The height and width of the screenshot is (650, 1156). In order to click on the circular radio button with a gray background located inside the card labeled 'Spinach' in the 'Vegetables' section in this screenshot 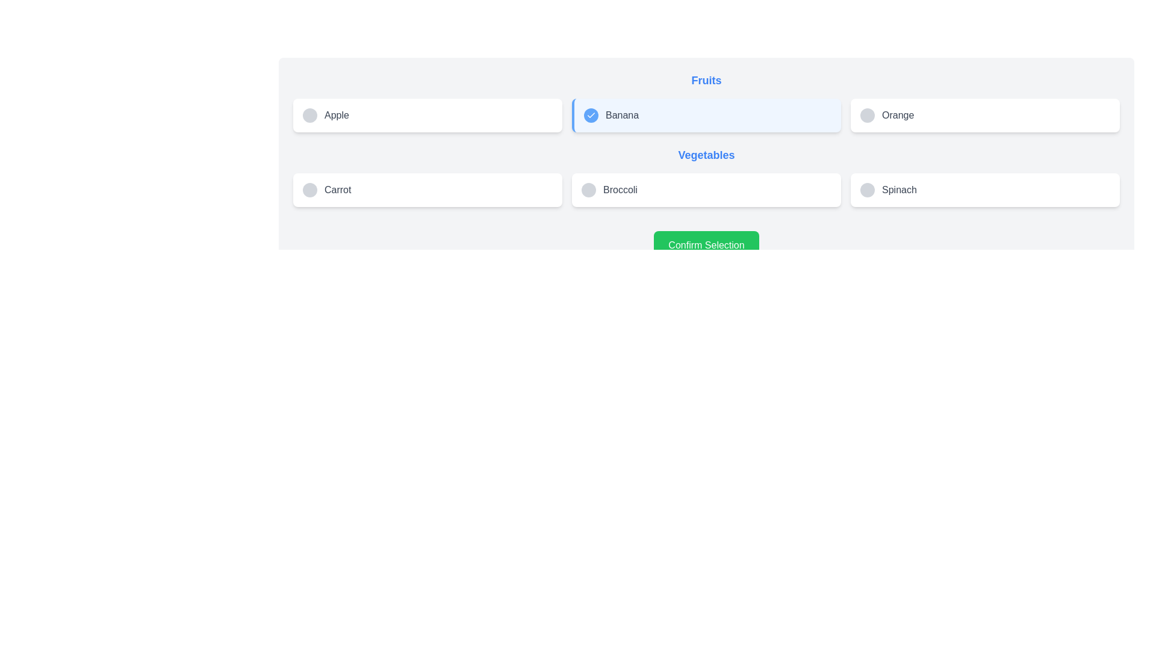, I will do `click(867, 190)`.